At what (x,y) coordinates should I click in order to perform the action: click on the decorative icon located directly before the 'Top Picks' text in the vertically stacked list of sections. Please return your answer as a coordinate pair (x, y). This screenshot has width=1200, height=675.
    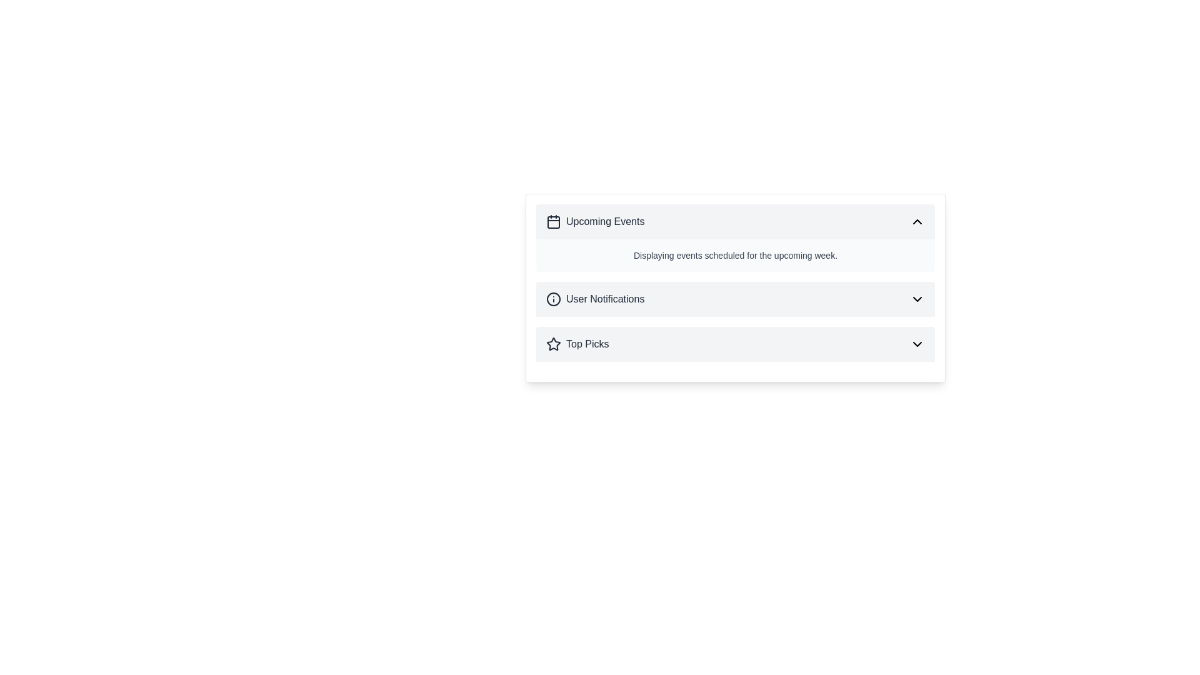
    Looking at the image, I should click on (553, 344).